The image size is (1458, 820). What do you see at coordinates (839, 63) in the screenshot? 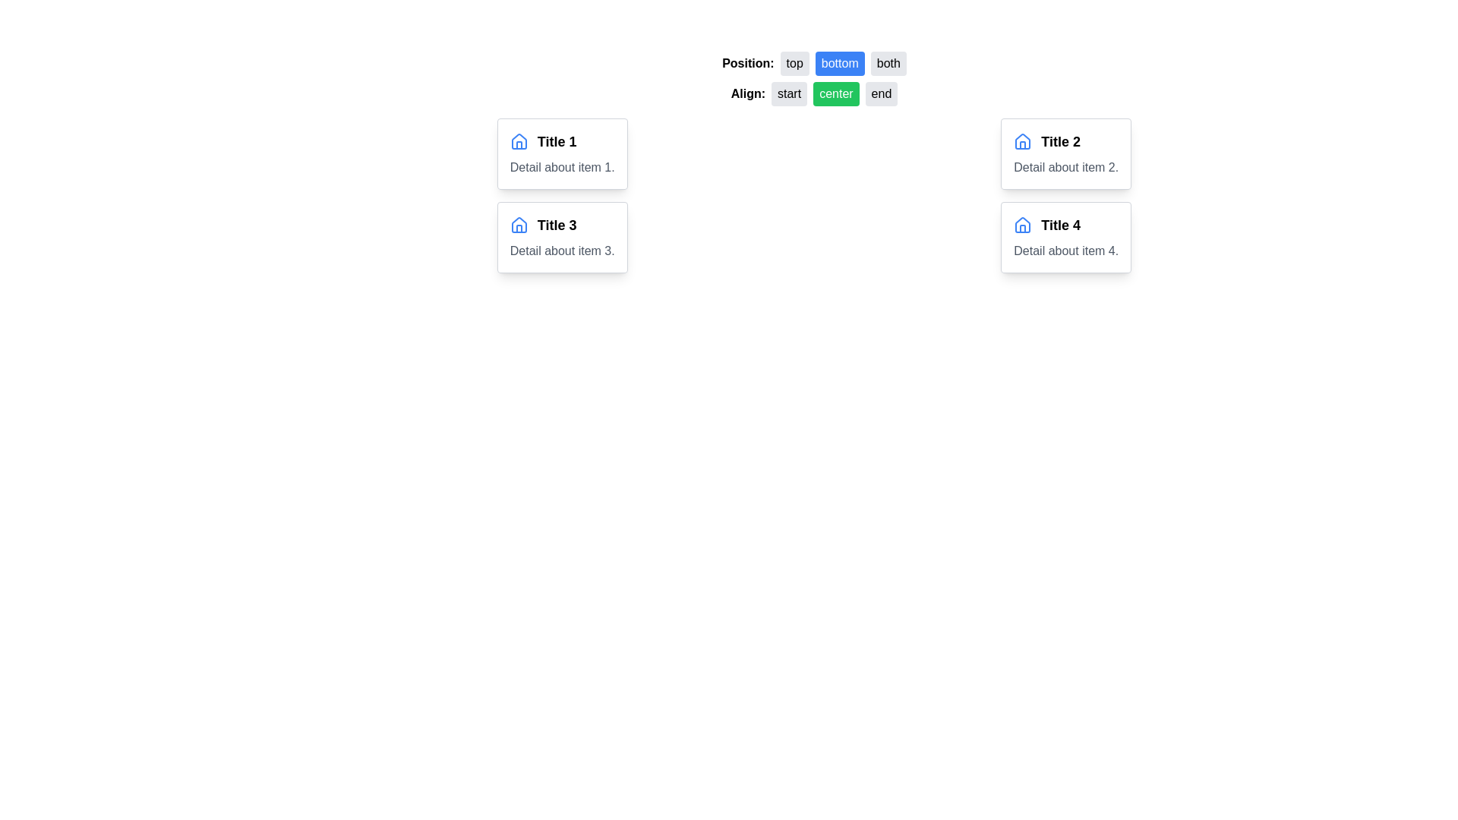
I see `the blue button labeled 'bottom'` at bounding box center [839, 63].